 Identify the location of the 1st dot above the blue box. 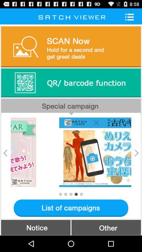
(60, 194).